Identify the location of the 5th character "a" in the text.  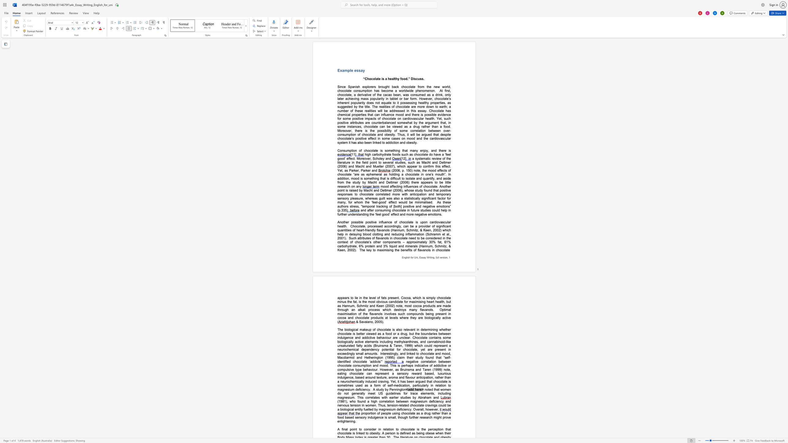
(439, 357).